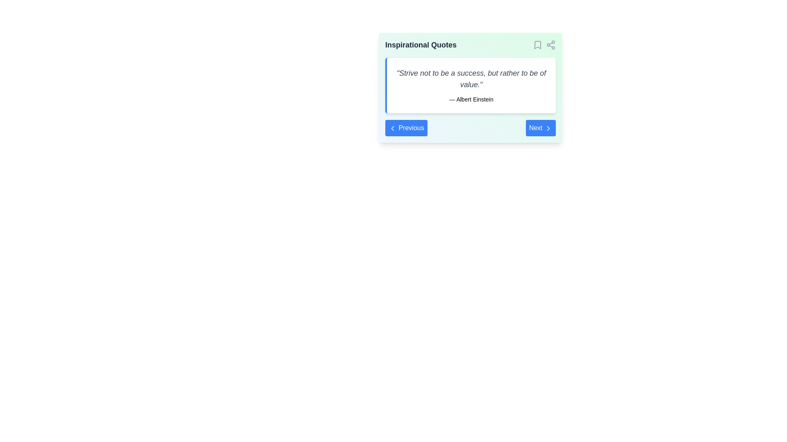 The height and width of the screenshot is (442, 787). Describe the element at coordinates (421, 45) in the screenshot. I see `the static text element displaying 'Inspirational Quotes' in large, bold, dark gray font at the top-left corner of a bordered card-like structure` at that location.